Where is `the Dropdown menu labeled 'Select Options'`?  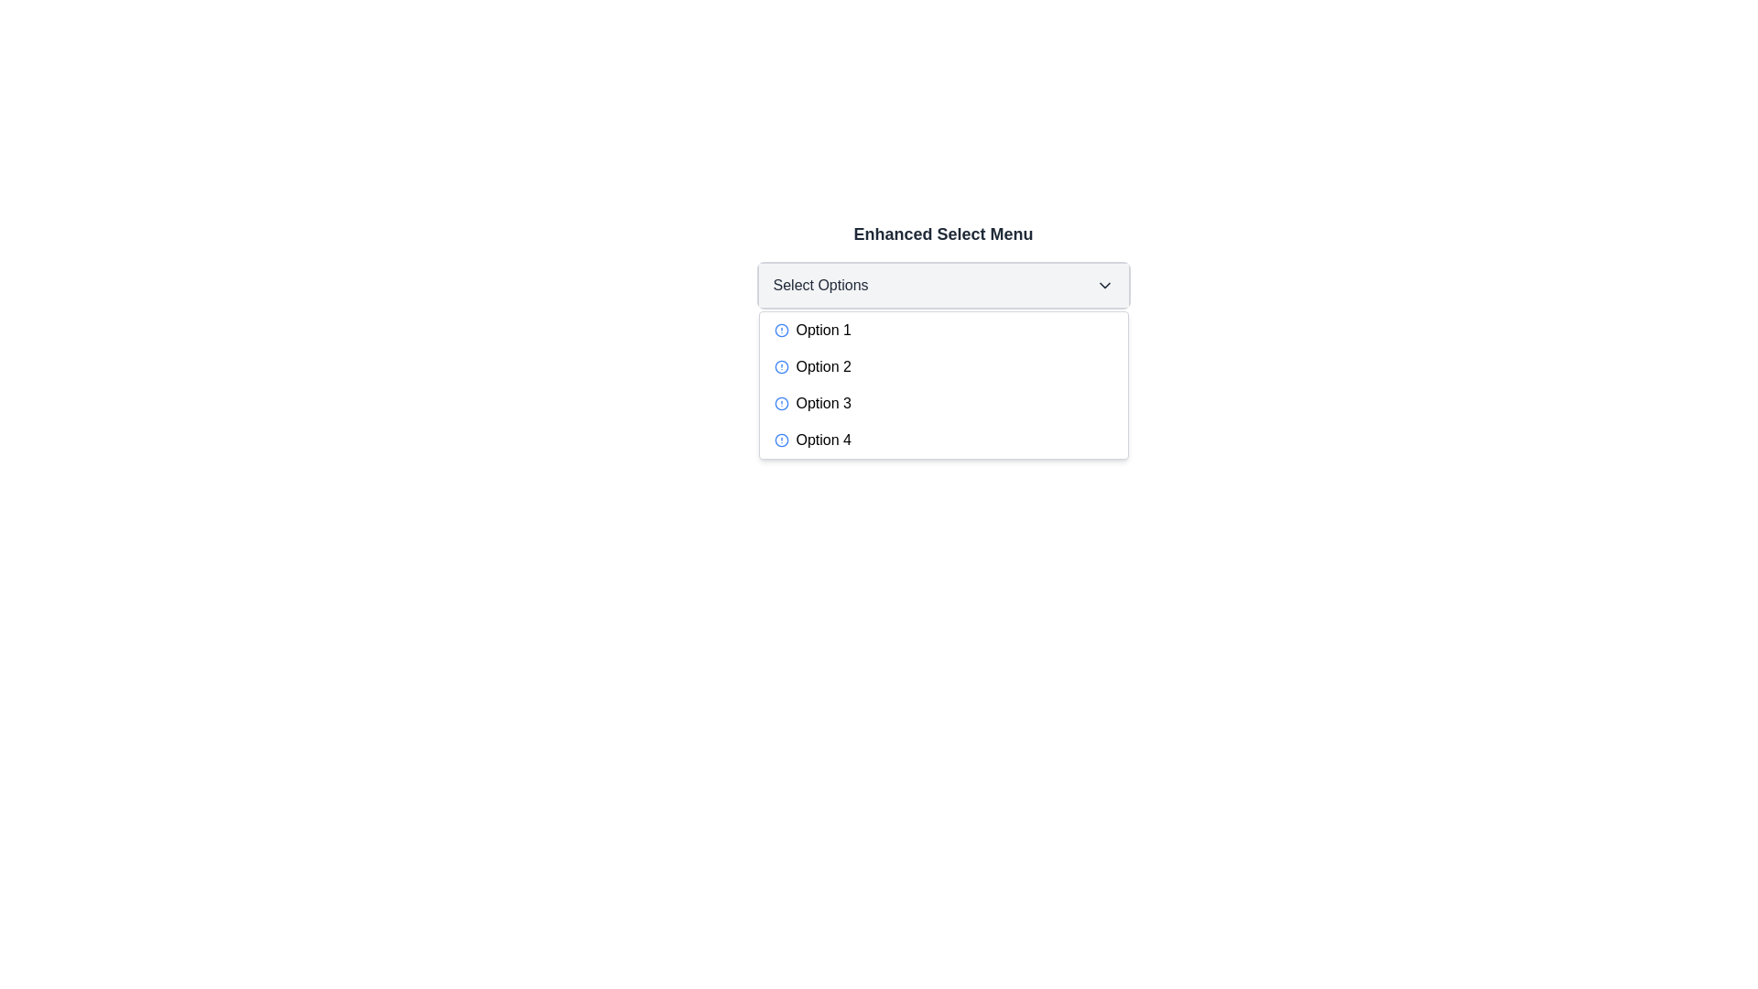 the Dropdown menu labeled 'Select Options' is located at coordinates (943, 286).